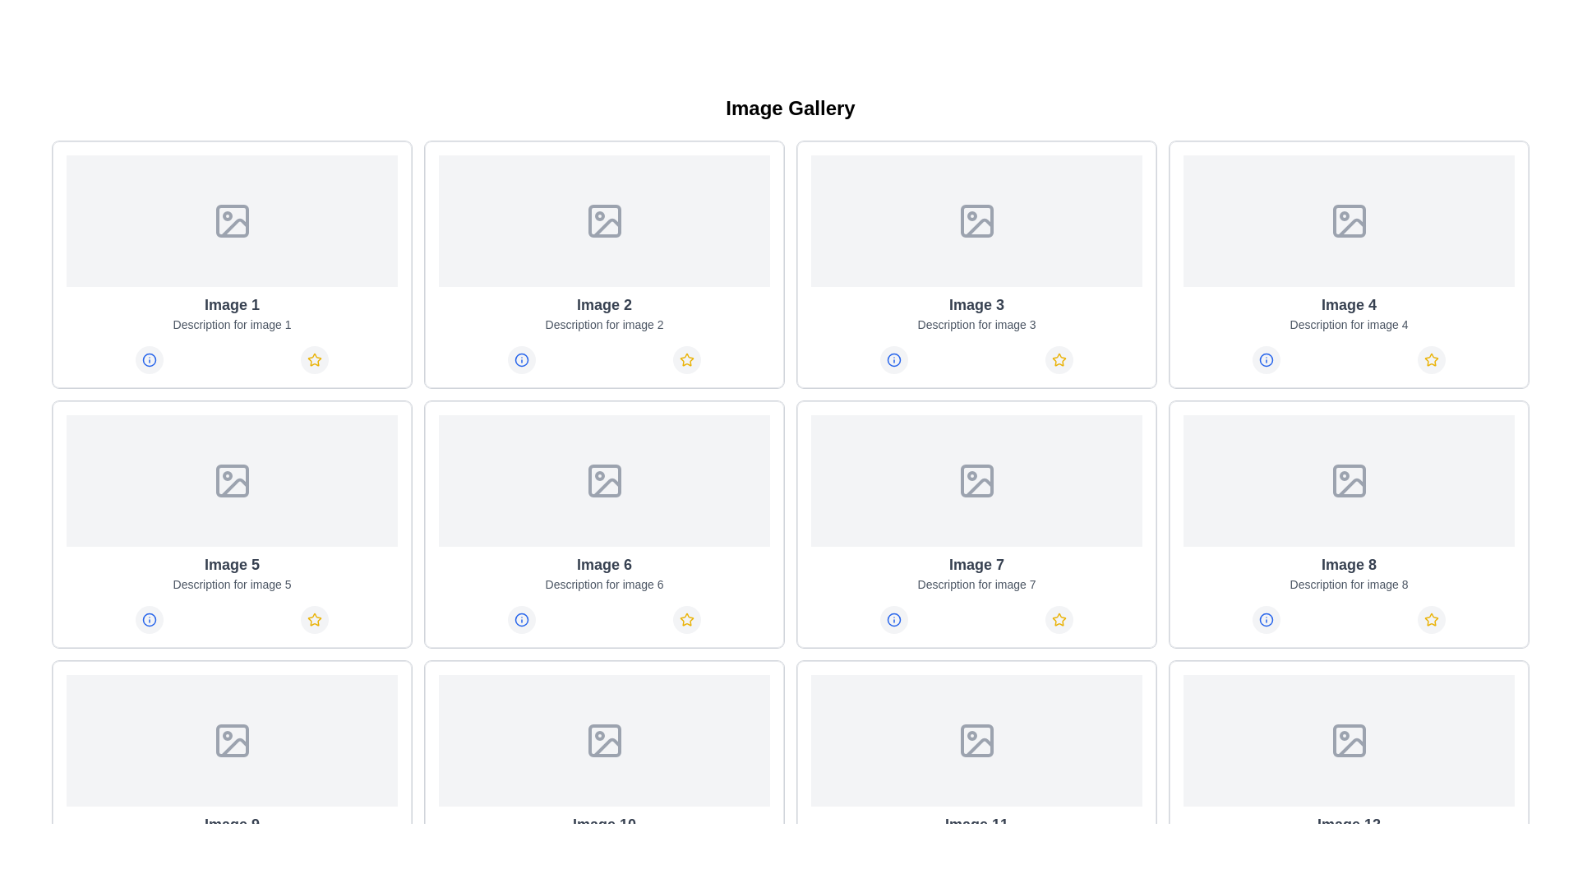  I want to click on the circular button with a star icon, so click(687, 359).